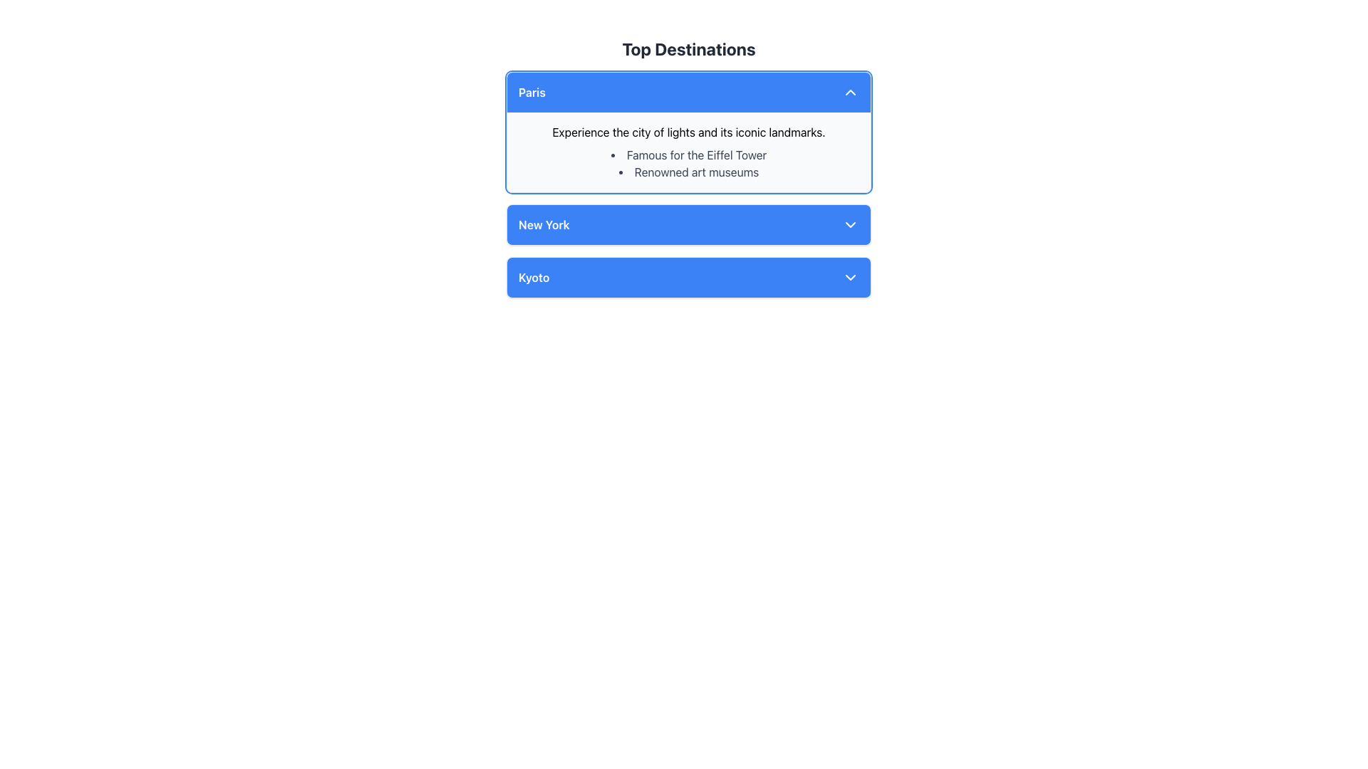  What do you see at coordinates (688, 163) in the screenshot?
I see `the Text List (Bullet Points) under the 'Paris' subsection, which provides details about key attractions and characteristics of the city` at bounding box center [688, 163].